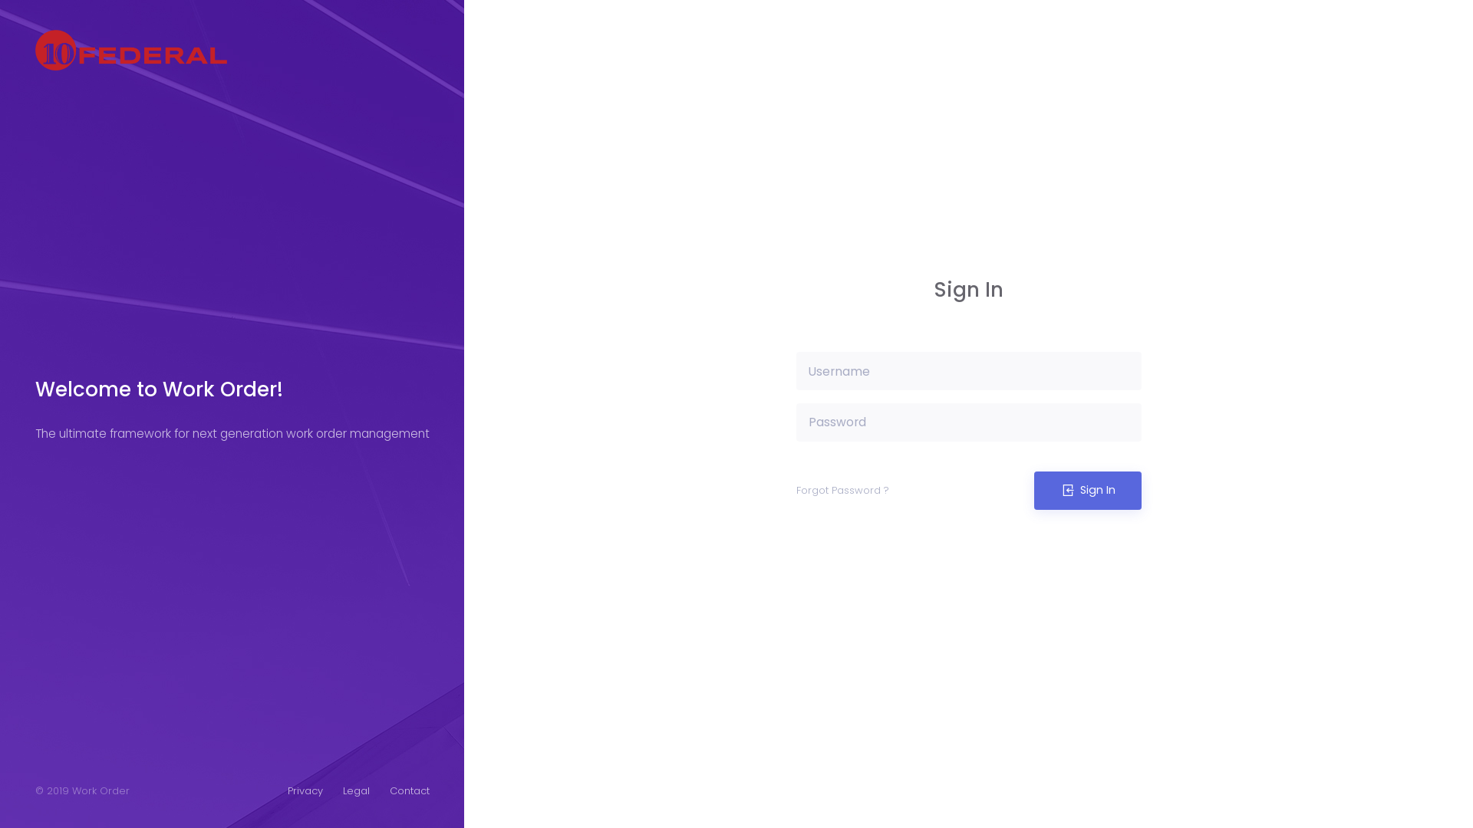 The height and width of the screenshot is (828, 1473). I want to click on 'Forgot Password ?', so click(842, 491).